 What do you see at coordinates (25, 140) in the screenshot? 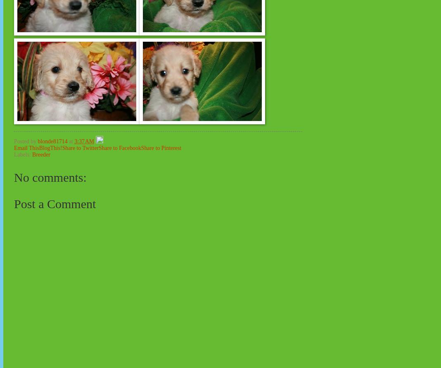
I see `'Posted by'` at bounding box center [25, 140].